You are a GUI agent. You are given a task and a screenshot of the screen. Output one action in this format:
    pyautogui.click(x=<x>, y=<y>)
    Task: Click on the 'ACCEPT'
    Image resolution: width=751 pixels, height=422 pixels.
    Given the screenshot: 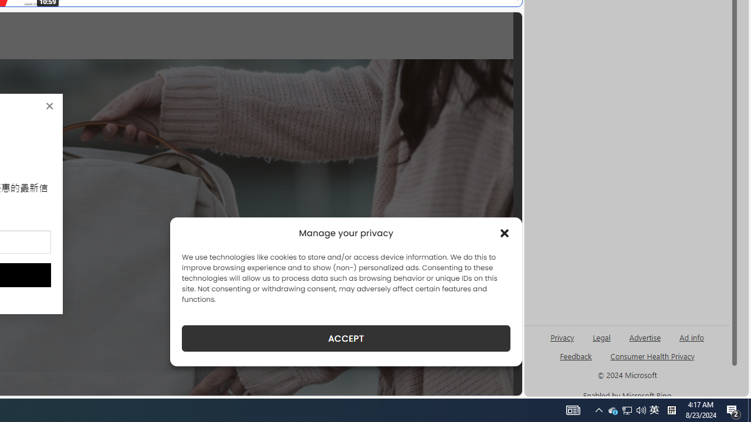 What is the action you would take?
    pyautogui.click(x=346, y=338)
    